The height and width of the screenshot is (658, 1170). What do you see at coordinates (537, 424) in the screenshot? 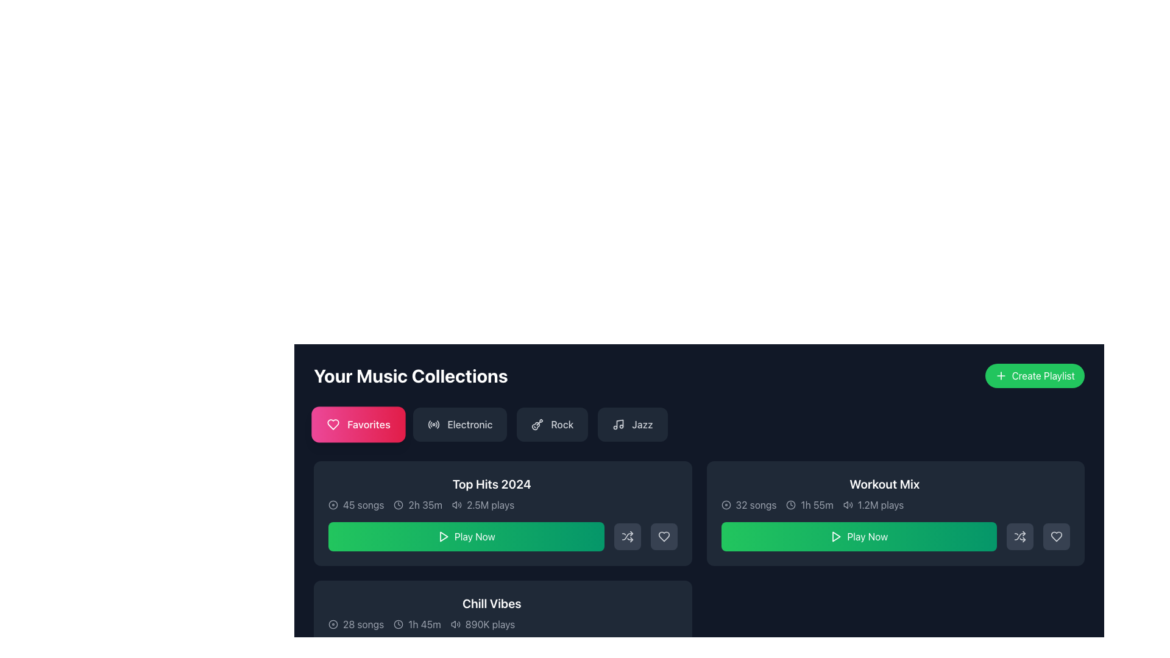
I see `the 'Rock' category button which contains a stylized guitar icon on its left side` at bounding box center [537, 424].